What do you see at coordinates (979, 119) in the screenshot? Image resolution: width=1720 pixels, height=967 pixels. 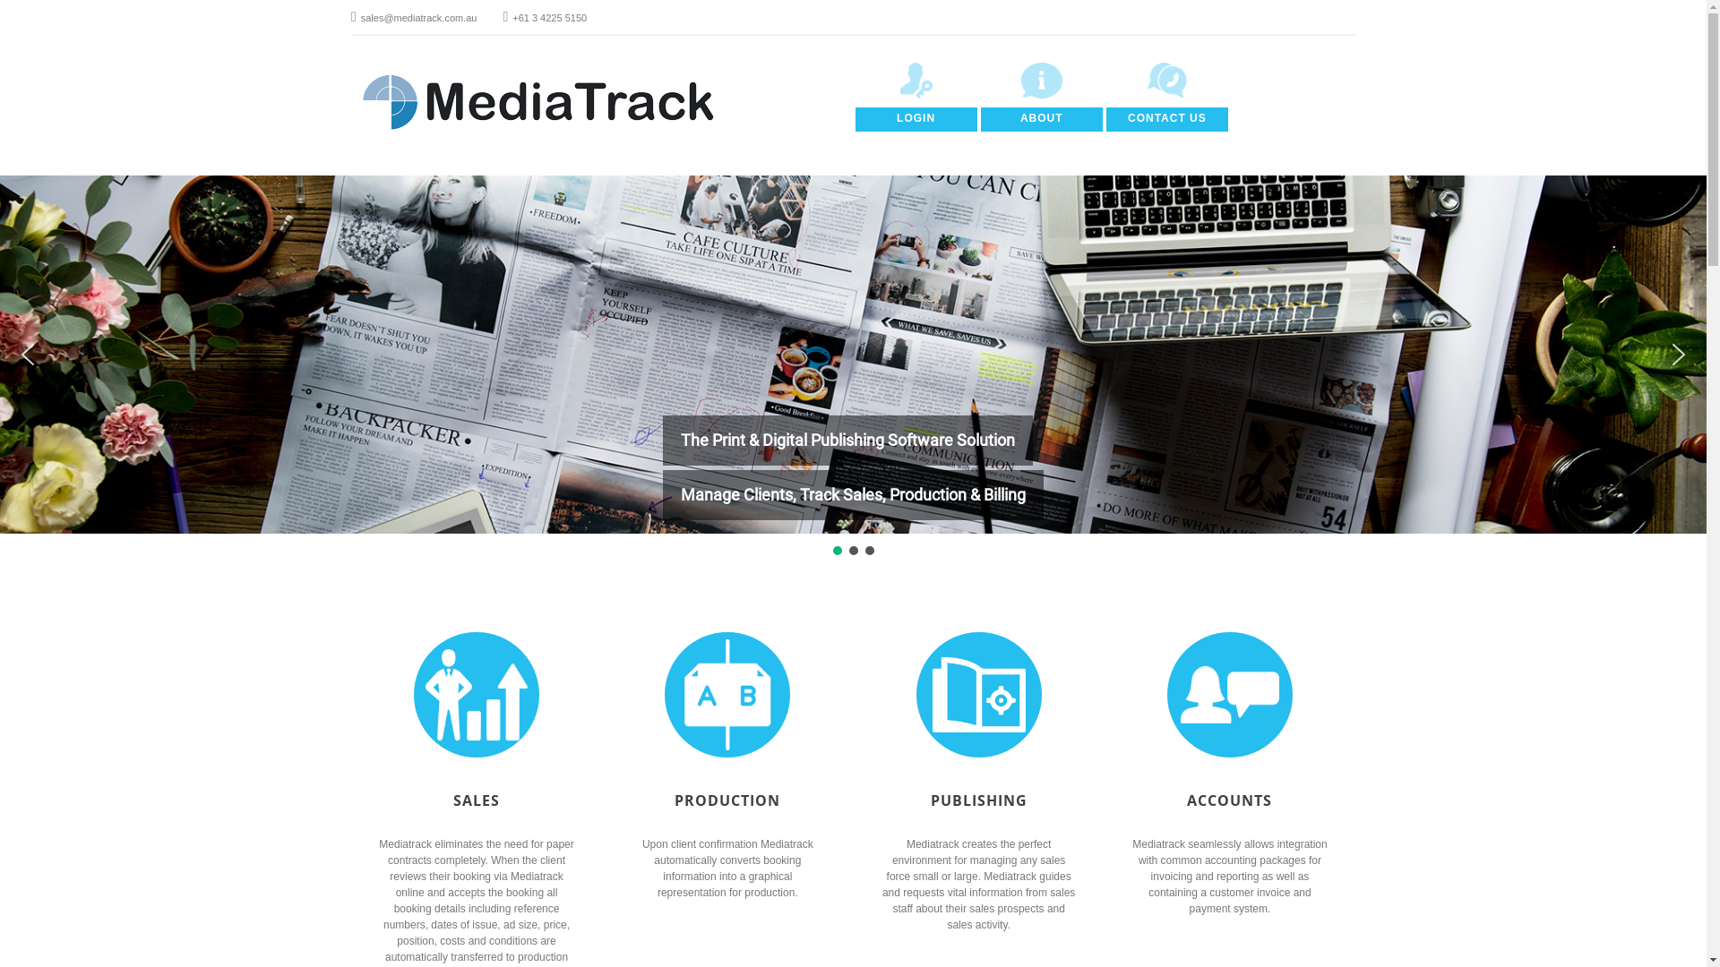 I see `'ABOUT'` at bounding box center [979, 119].